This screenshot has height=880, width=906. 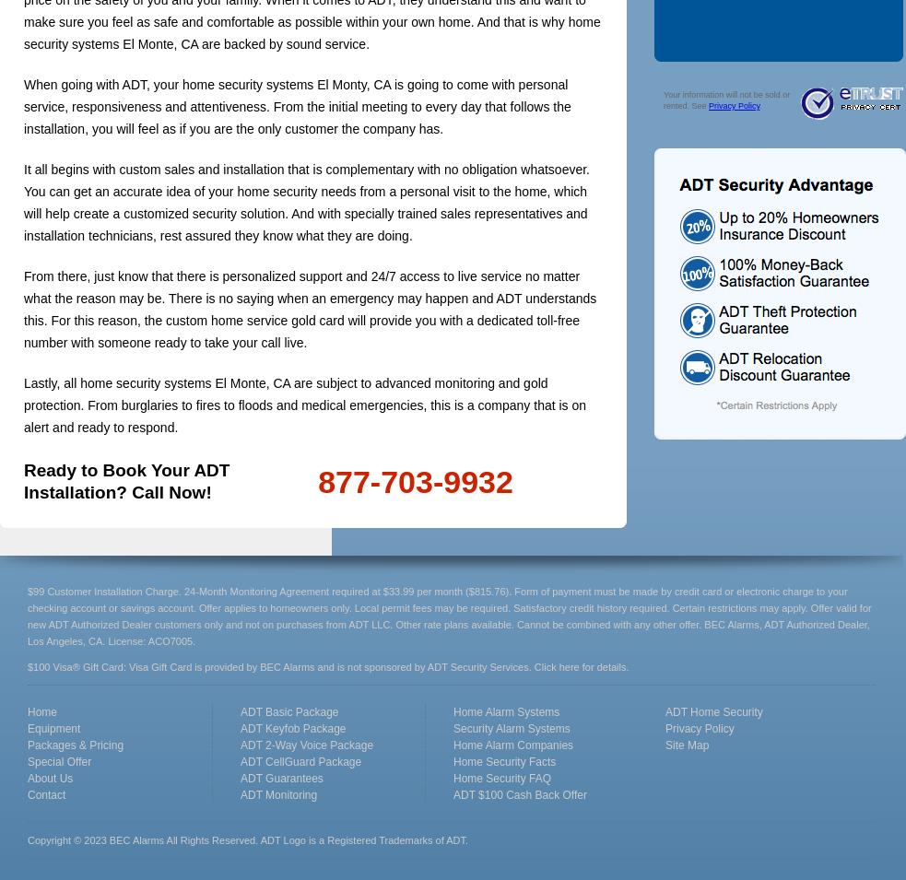 I want to click on 'Ready to Book Your ADT Installation? Call Now!', so click(x=22, y=481).